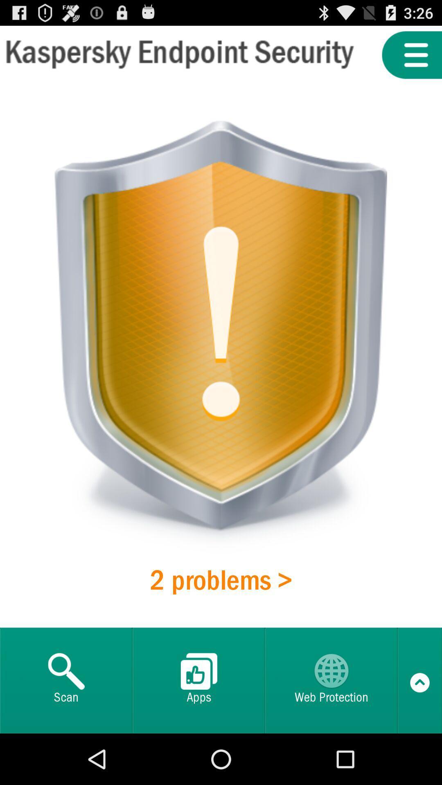 The width and height of the screenshot is (442, 785). I want to click on the menu icon, so click(412, 58).